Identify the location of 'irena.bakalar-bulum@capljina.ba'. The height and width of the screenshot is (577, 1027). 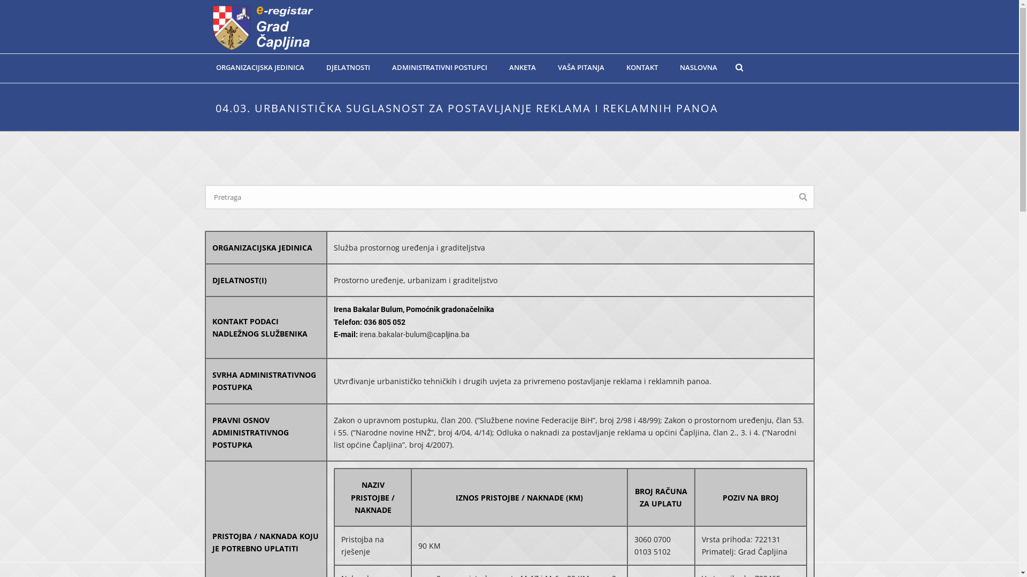
(413, 333).